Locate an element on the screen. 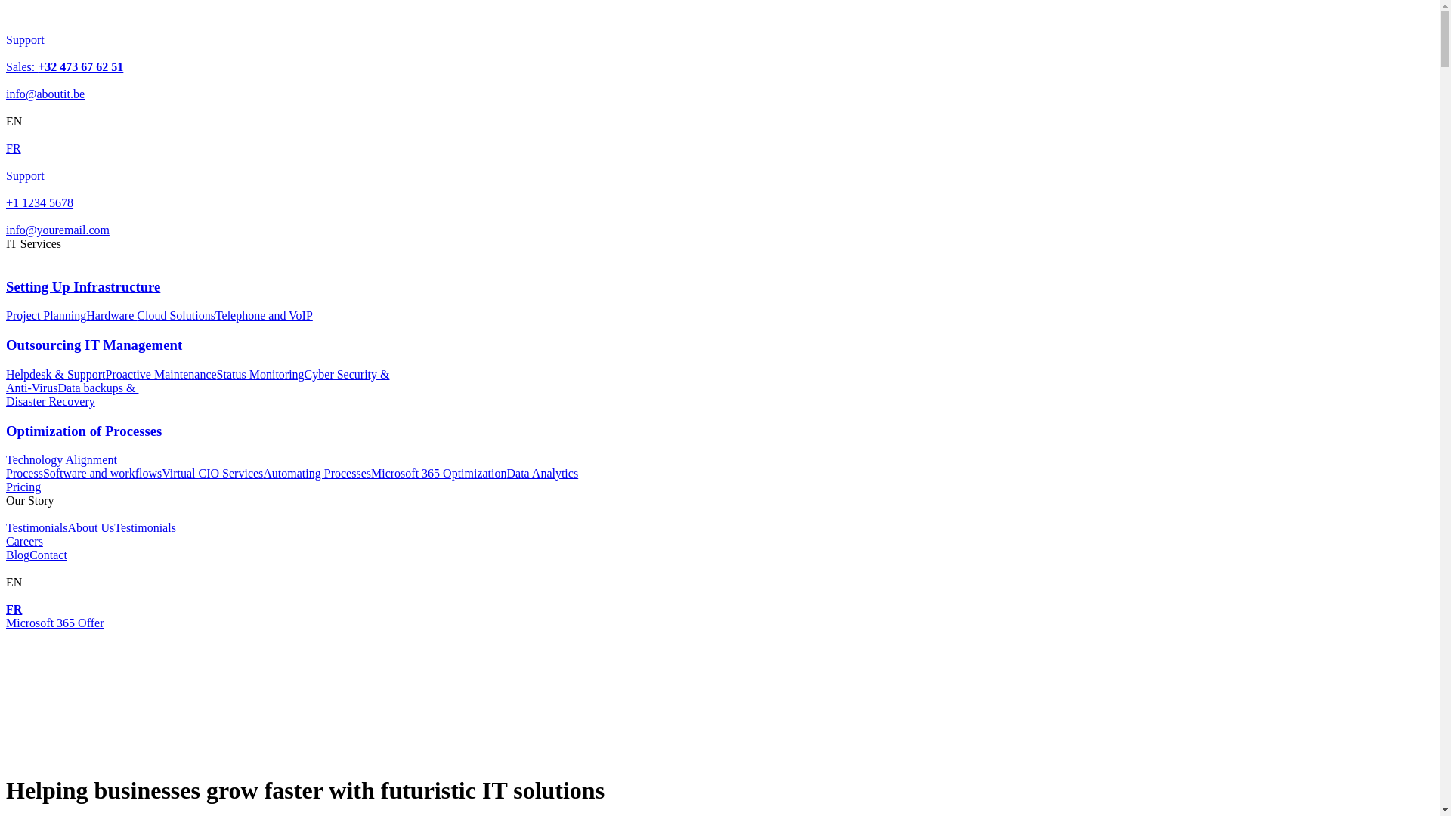 The image size is (1451, 816). 'Technology Alignment is located at coordinates (60, 465).